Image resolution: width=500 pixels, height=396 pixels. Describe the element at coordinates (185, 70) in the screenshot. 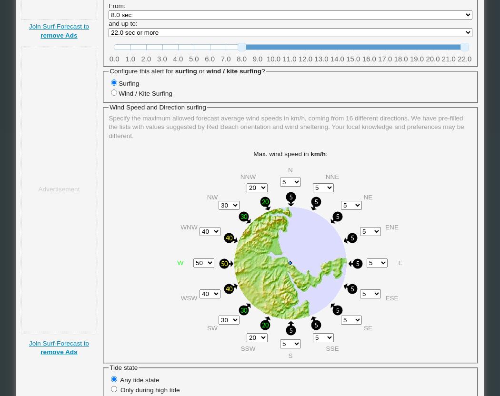

I see `'surfing'` at that location.